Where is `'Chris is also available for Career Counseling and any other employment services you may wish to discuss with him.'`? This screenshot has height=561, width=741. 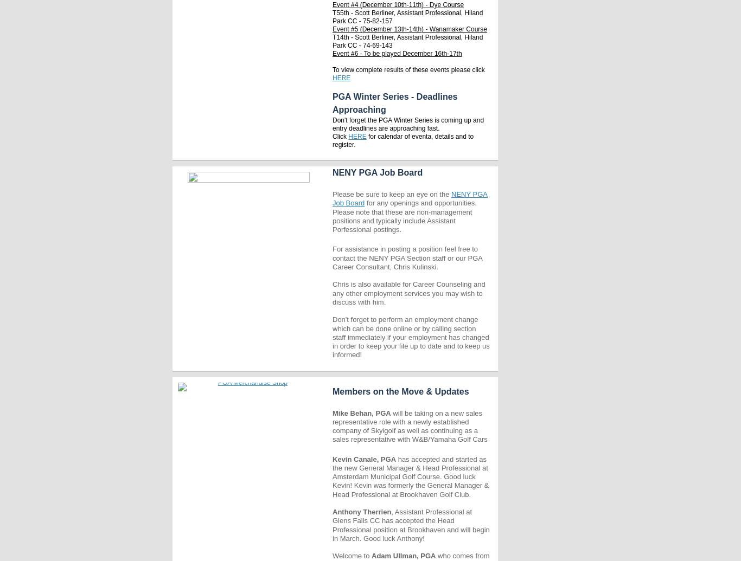 'Chris is also available for Career Counseling and any other employment services you may wish to discuss with him.' is located at coordinates (408, 292).